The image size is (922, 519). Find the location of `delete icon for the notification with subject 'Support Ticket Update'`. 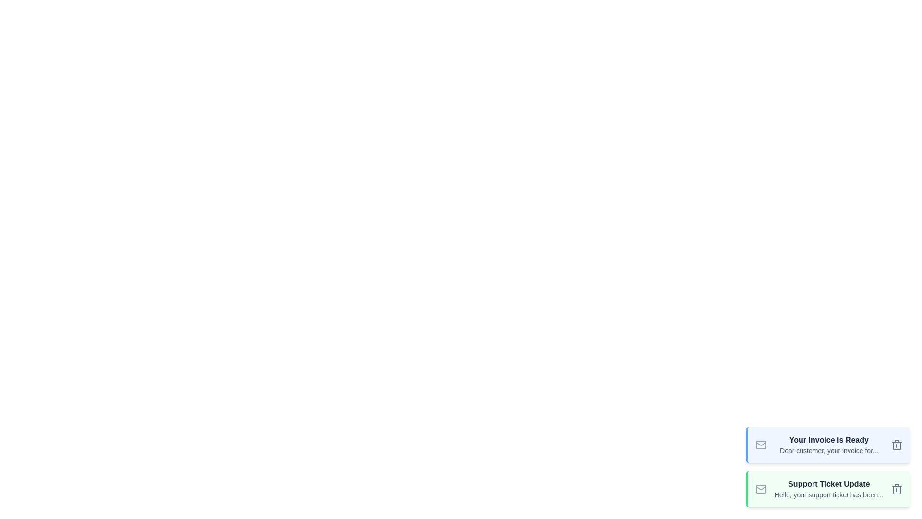

delete icon for the notification with subject 'Support Ticket Update' is located at coordinates (896, 489).